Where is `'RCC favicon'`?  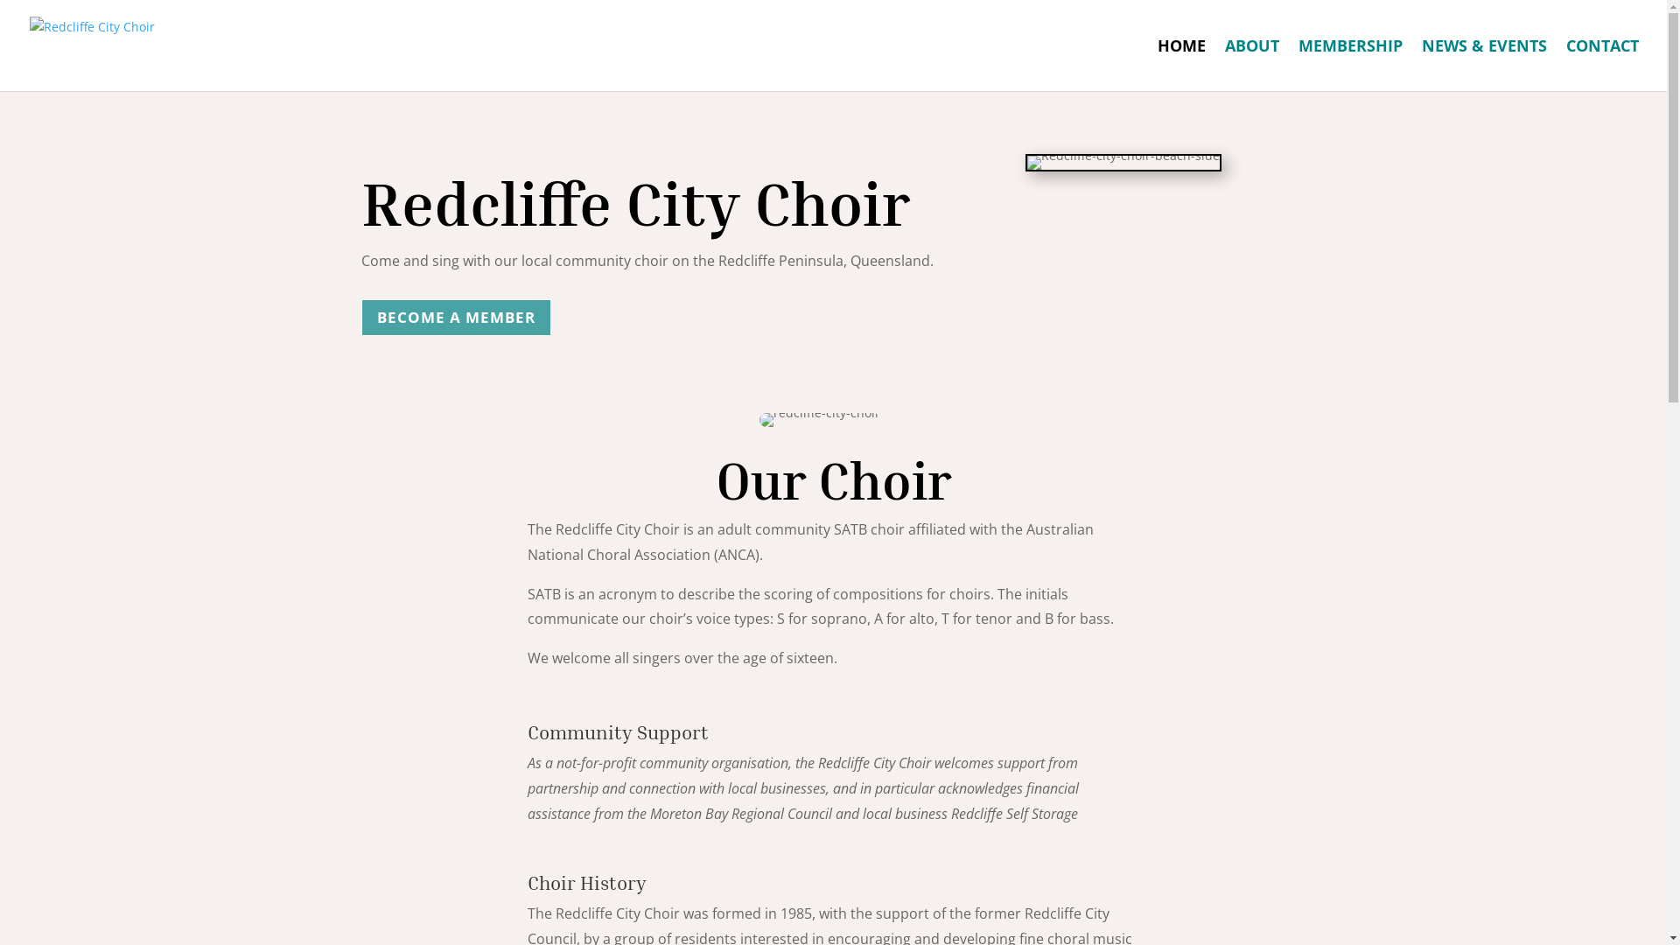
'RCC favicon' is located at coordinates (818, 419).